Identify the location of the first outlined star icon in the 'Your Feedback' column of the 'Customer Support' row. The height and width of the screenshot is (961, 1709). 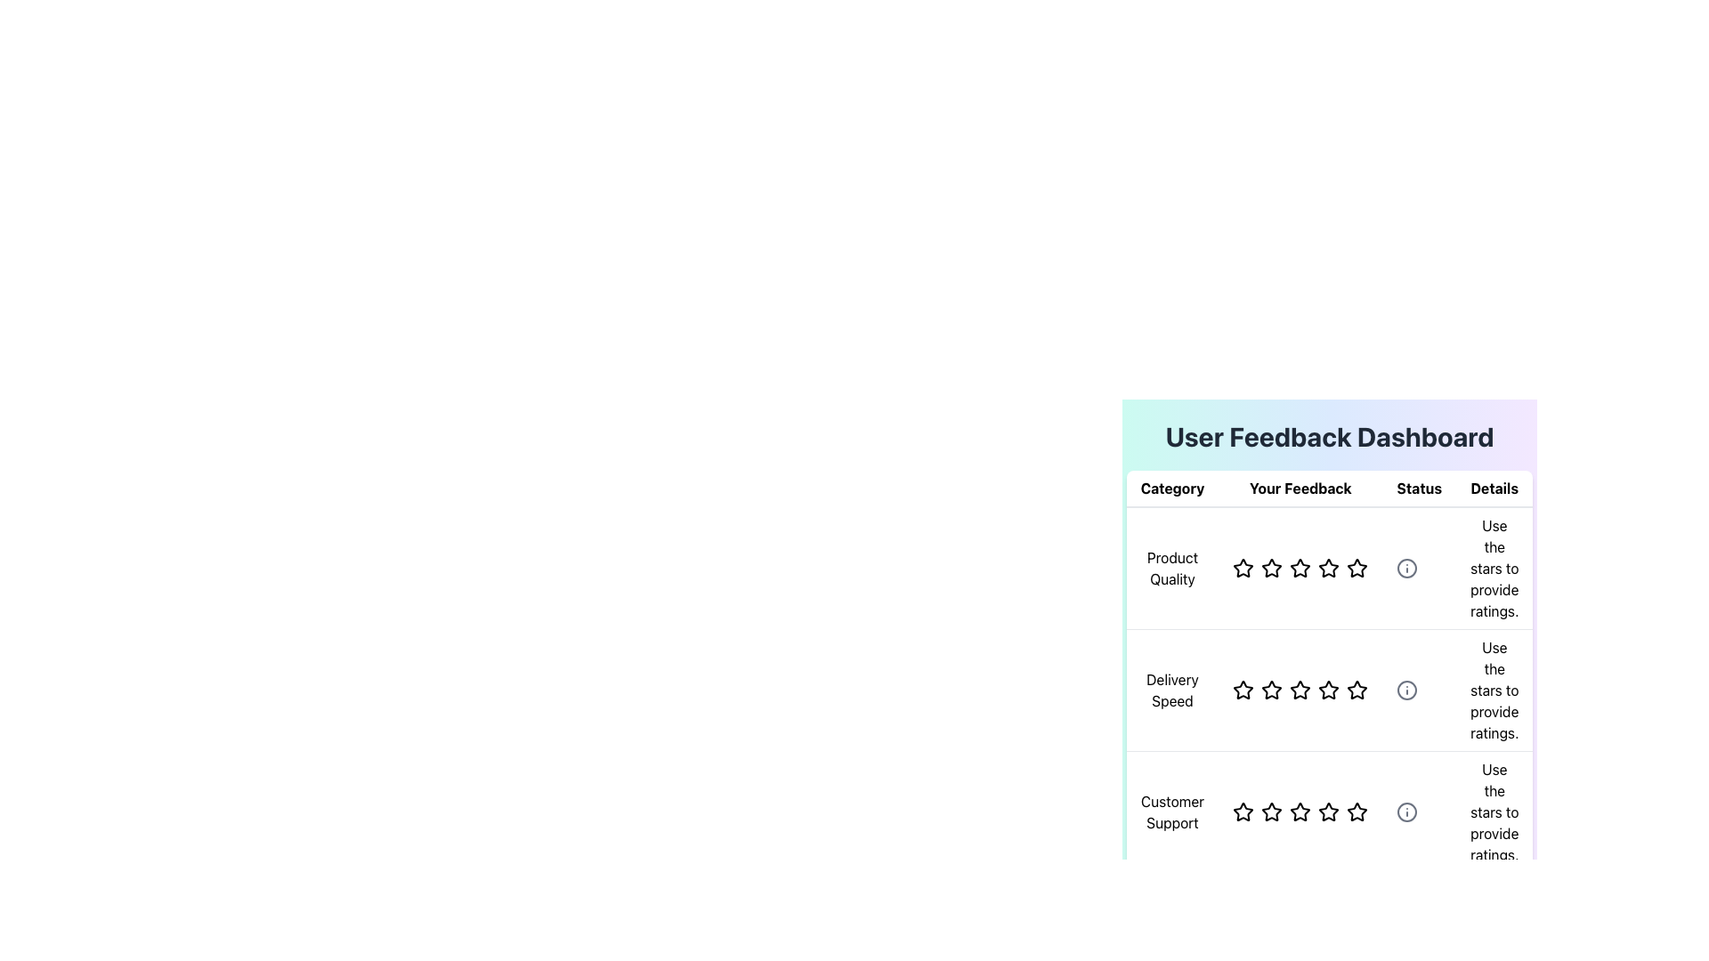
(1243, 812).